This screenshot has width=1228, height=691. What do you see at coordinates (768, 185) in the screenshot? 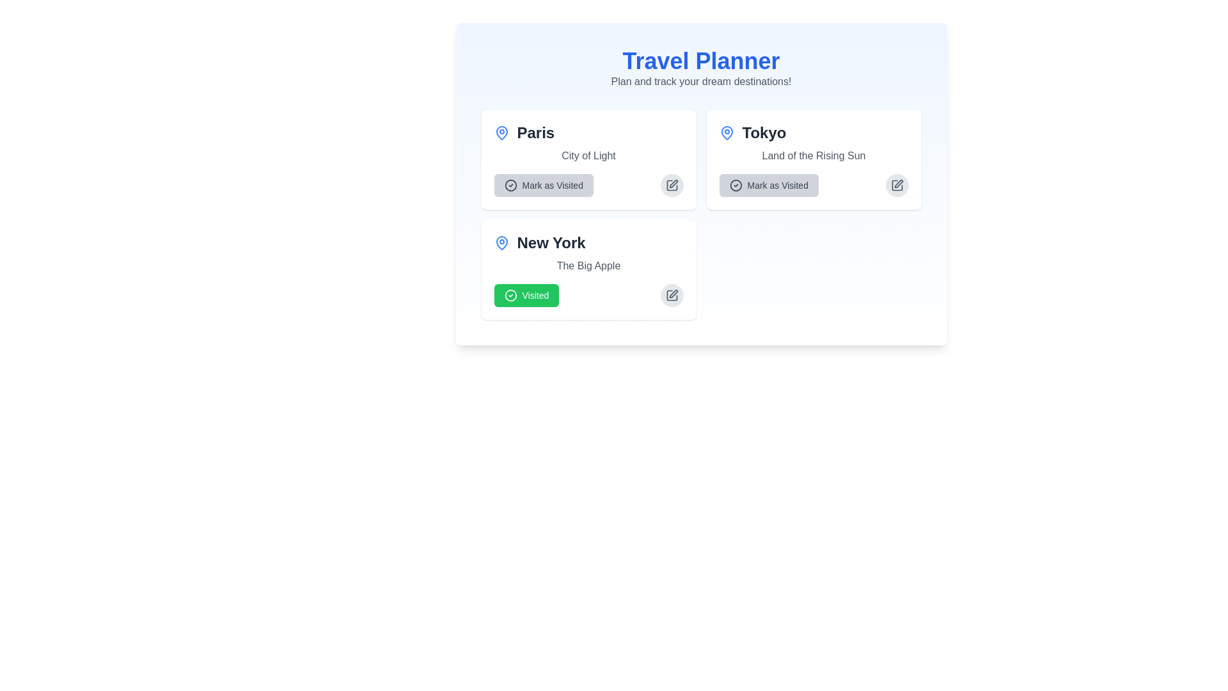
I see `the 'Mark as Visited' button located at the bottom-left corner of the 'Tokyo' card` at bounding box center [768, 185].